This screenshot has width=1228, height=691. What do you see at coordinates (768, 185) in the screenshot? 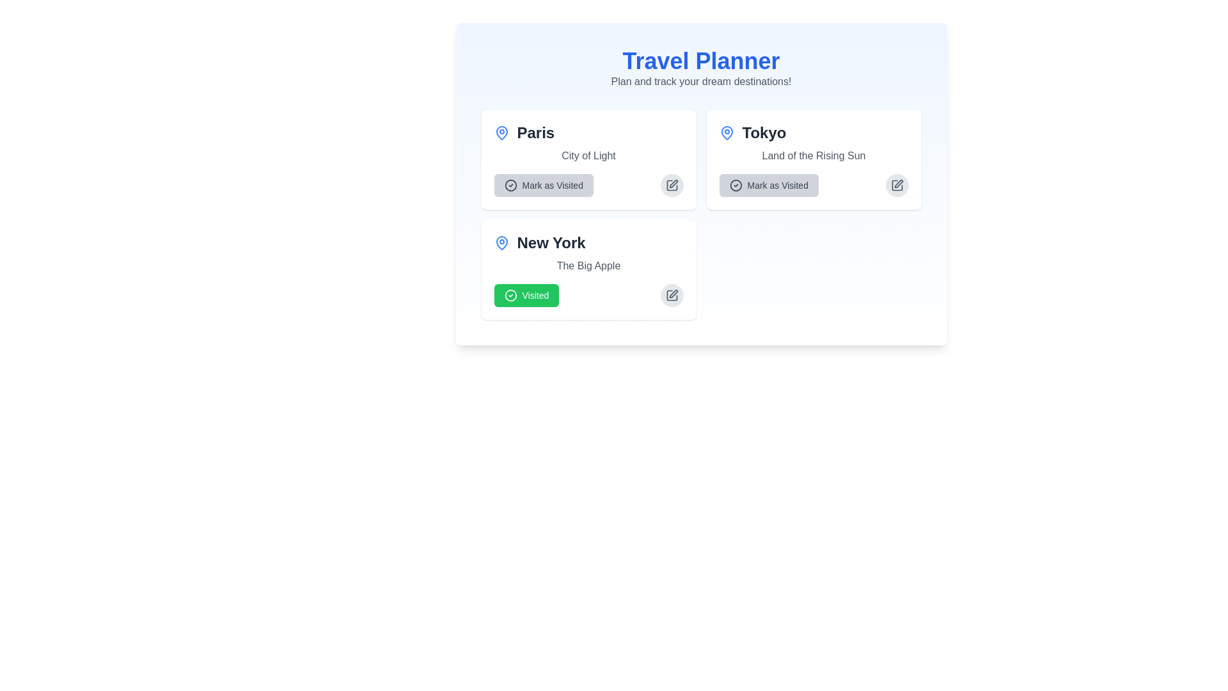
I see `the 'Mark as Visited' button located at the bottom-left corner of the 'Tokyo' card` at bounding box center [768, 185].